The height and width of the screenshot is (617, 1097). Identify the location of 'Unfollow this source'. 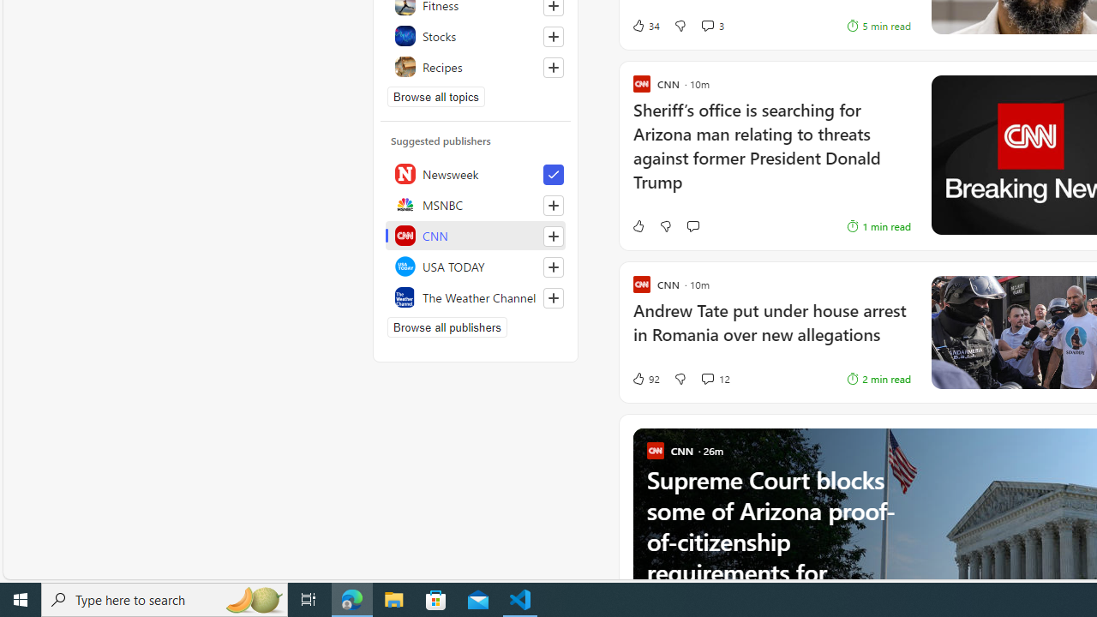
(553, 175).